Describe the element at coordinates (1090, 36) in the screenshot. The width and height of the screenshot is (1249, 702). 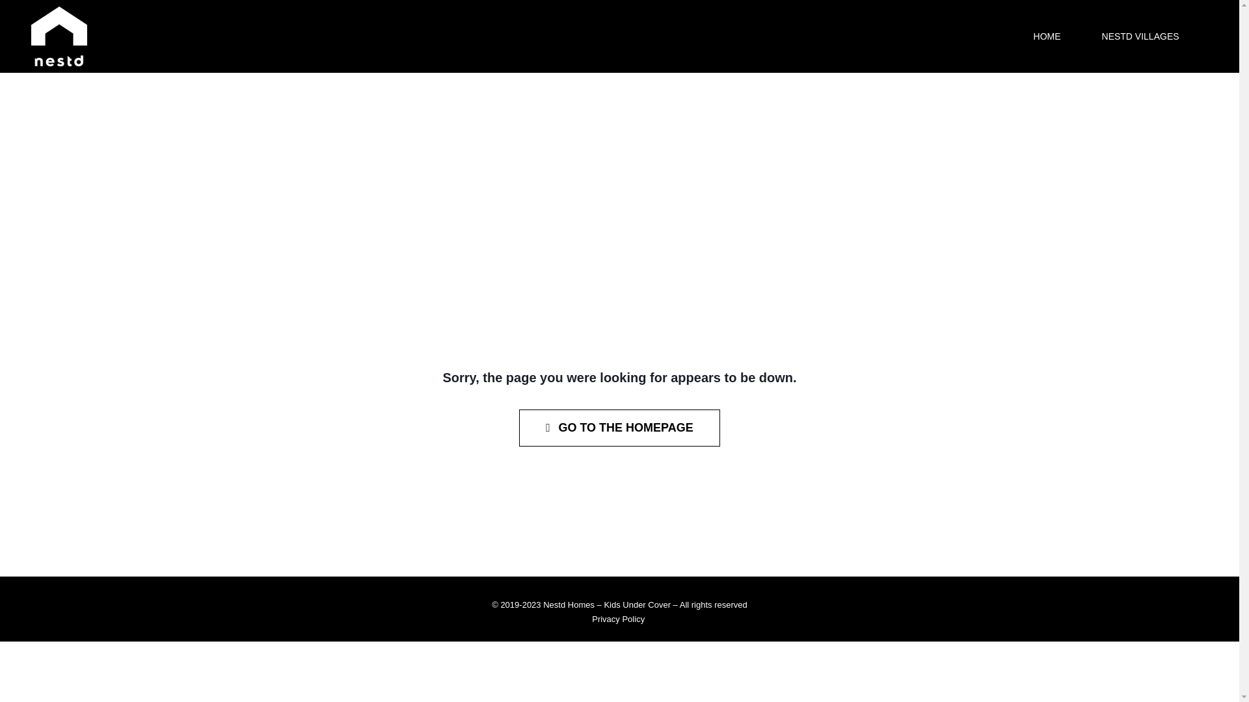
I see `'NESTD VILLAGES'` at that location.